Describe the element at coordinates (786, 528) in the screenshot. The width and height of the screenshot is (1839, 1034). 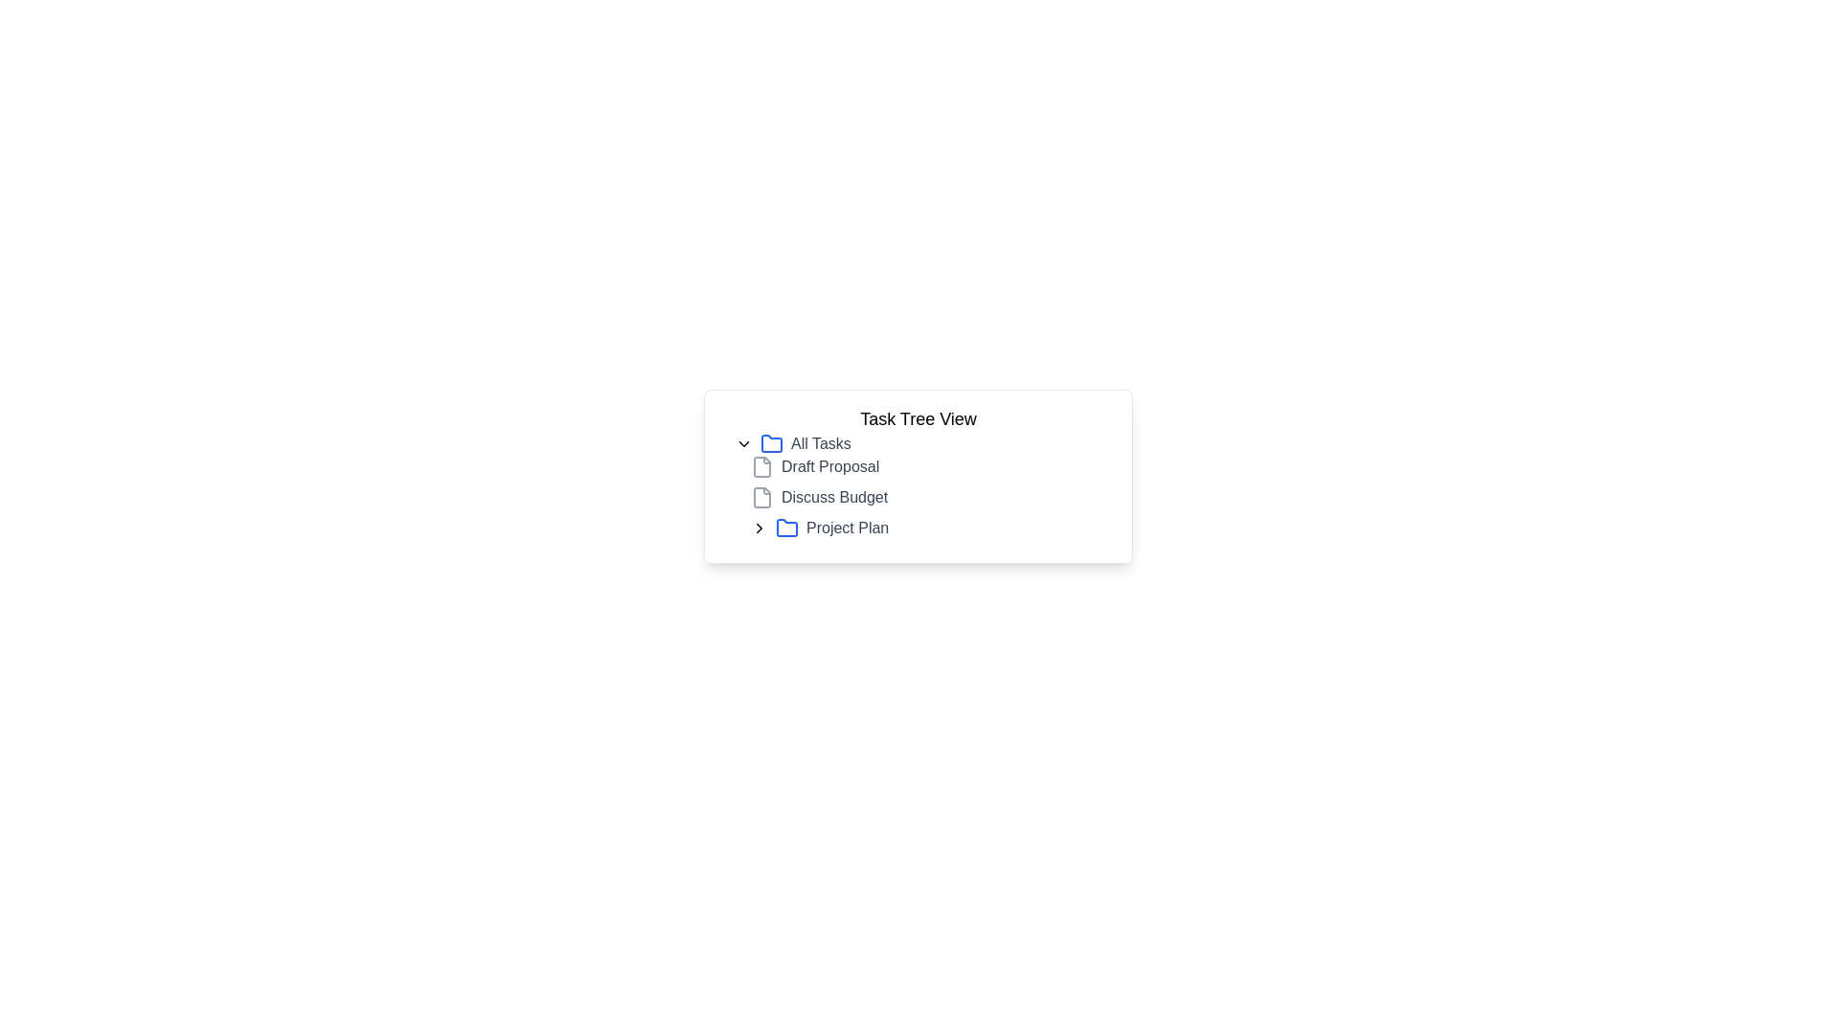
I see `the blue folder icon next to the 'Project Plan' label in the 'Task Tree View' for further actions` at that location.